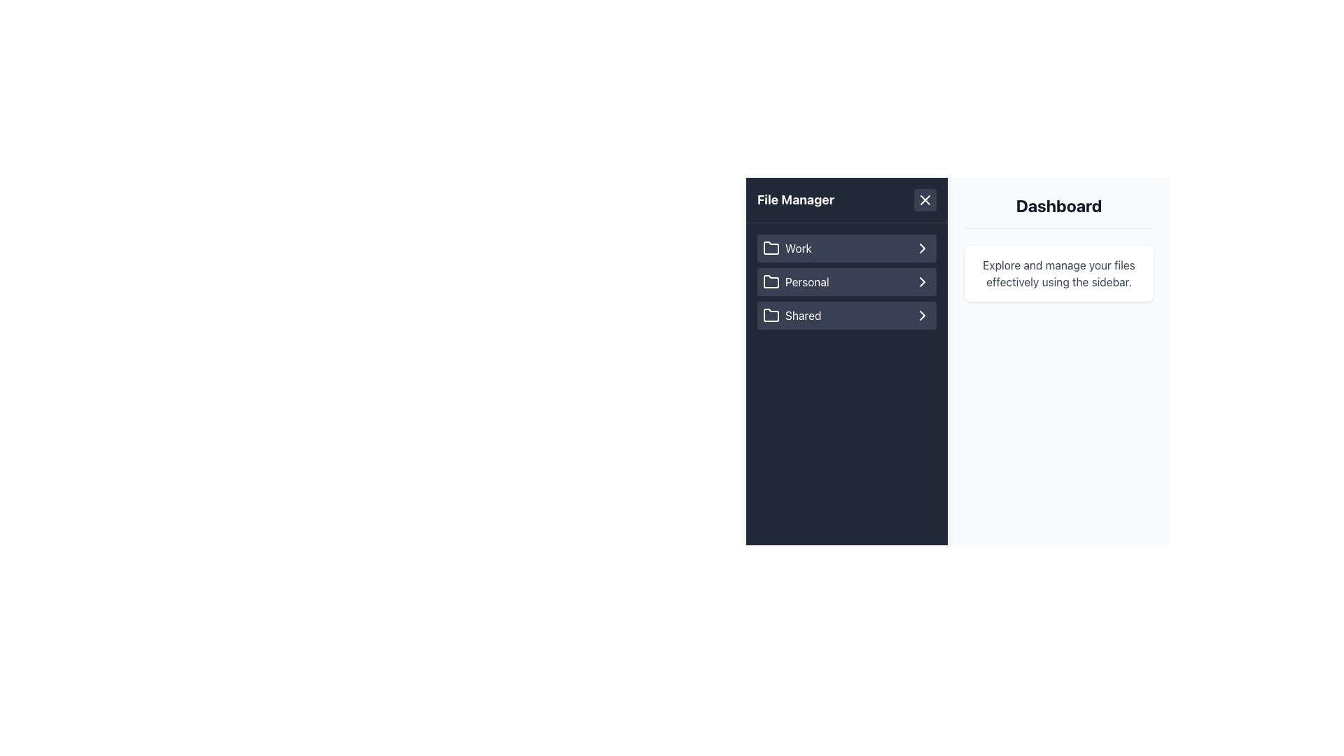 The width and height of the screenshot is (1344, 756). I want to click on the 'Shared' folder icon and text element located in the sidebar, which is the third item in the vertical list of navigation options, so click(792, 316).